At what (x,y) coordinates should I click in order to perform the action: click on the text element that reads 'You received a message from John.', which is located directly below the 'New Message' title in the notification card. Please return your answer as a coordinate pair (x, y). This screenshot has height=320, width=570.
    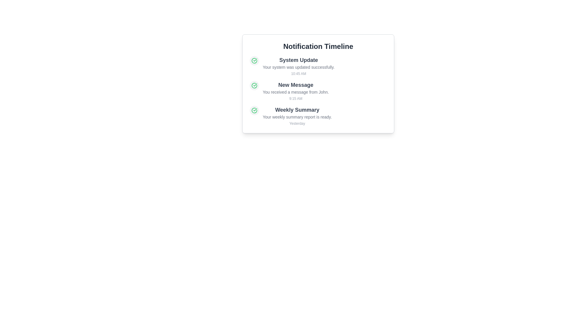
    Looking at the image, I should click on (296, 92).